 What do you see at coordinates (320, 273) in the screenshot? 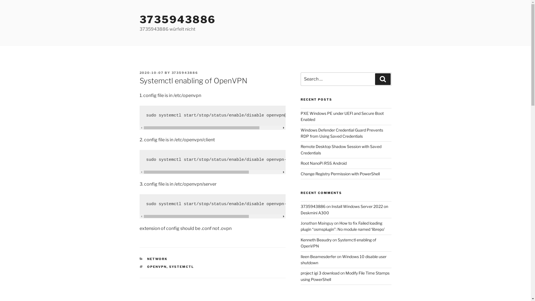
I see `'project igi 3 download'` at bounding box center [320, 273].